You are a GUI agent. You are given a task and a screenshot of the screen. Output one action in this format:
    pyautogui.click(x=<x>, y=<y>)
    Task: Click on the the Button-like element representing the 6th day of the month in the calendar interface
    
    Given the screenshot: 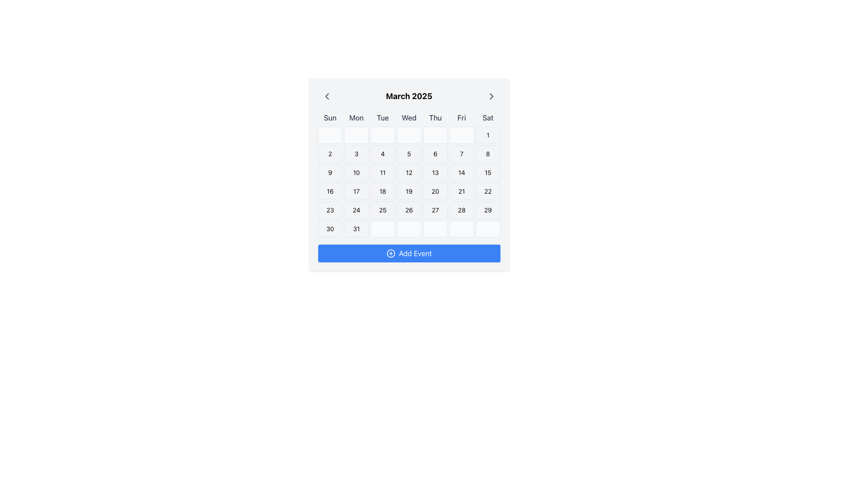 What is the action you would take?
    pyautogui.click(x=435, y=153)
    